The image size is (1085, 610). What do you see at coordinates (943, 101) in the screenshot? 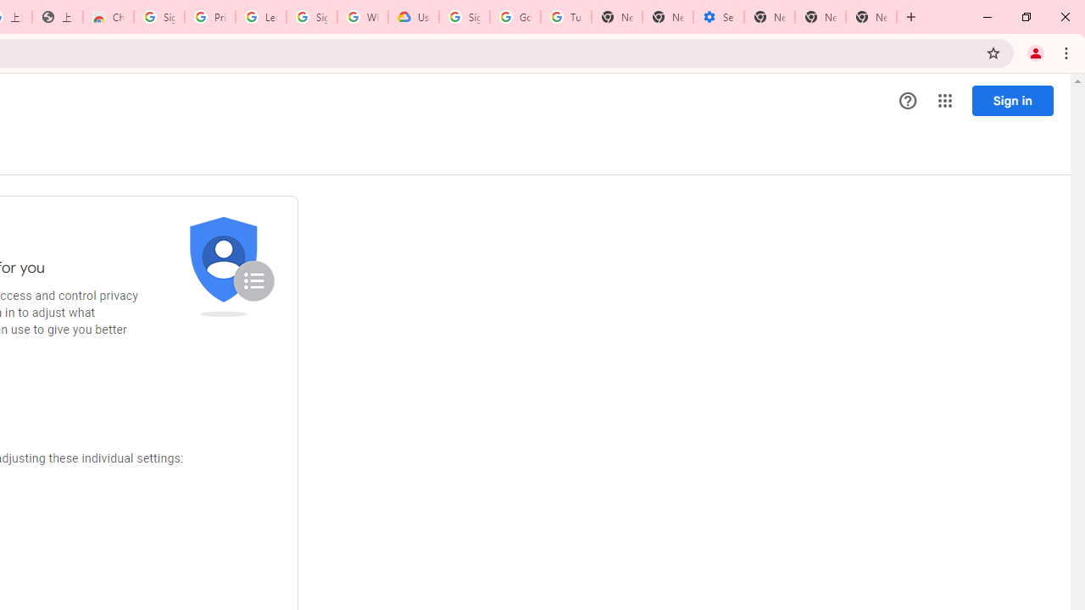
I see `'Google apps'` at bounding box center [943, 101].